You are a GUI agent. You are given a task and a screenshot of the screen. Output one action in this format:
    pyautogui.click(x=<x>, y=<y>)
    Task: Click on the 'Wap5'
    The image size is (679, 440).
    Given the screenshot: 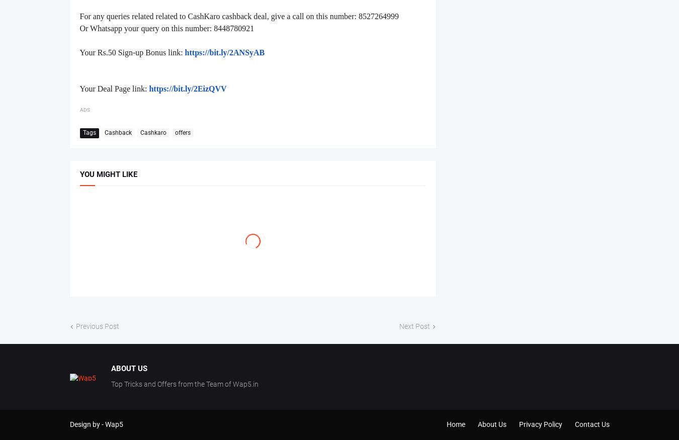 What is the action you would take?
    pyautogui.click(x=113, y=424)
    